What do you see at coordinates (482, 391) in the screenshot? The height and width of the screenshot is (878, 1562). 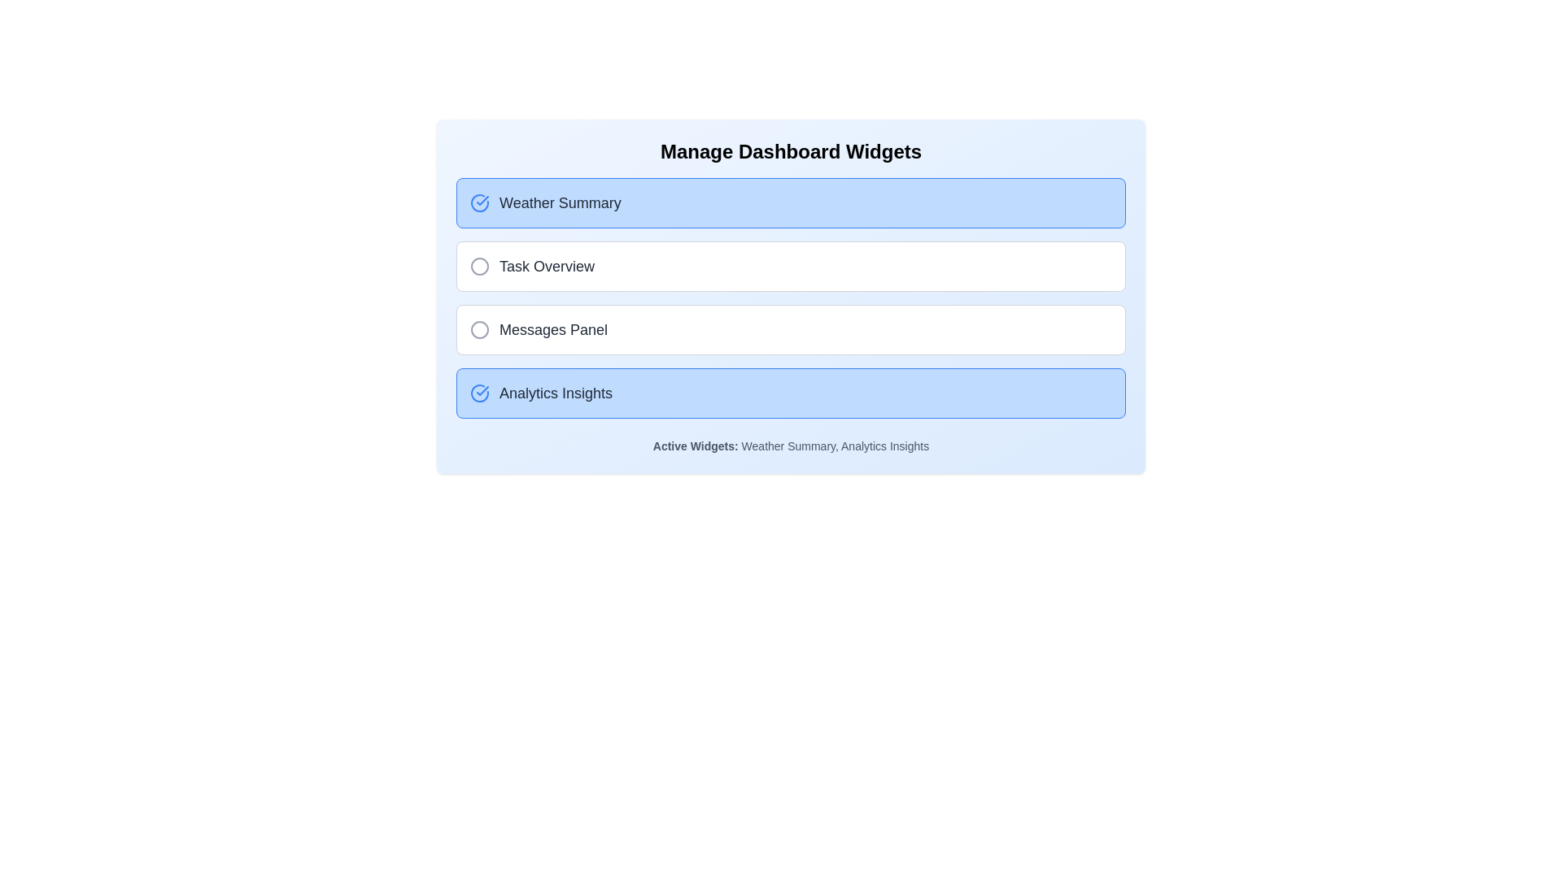 I see `the graphical representation of the Checkmark icon indicating the selection status of the 'Weather Summary' option` at bounding box center [482, 391].